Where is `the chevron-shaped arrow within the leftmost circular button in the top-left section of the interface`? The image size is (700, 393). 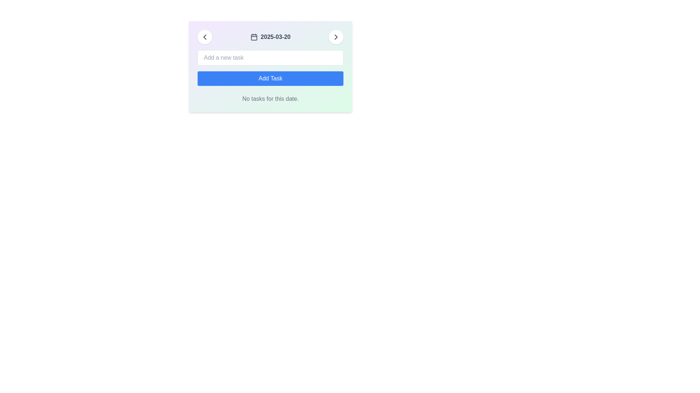 the chevron-shaped arrow within the leftmost circular button in the top-left section of the interface is located at coordinates (204, 37).